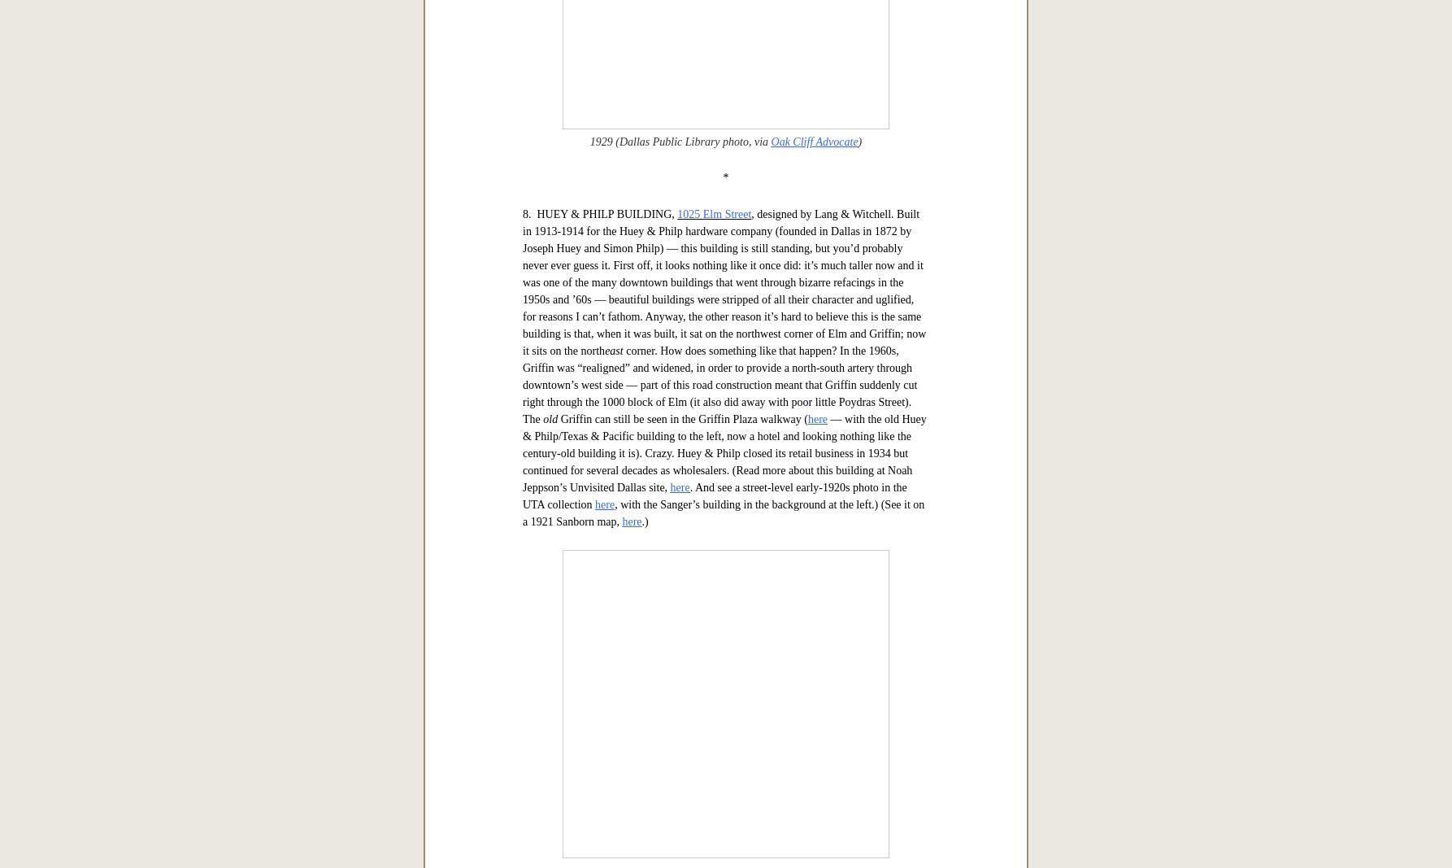 The width and height of the screenshot is (1452, 868). Describe the element at coordinates (611, 132) in the screenshot. I see `'7.  “STORE AND FLAT BUILDING,”'` at that location.